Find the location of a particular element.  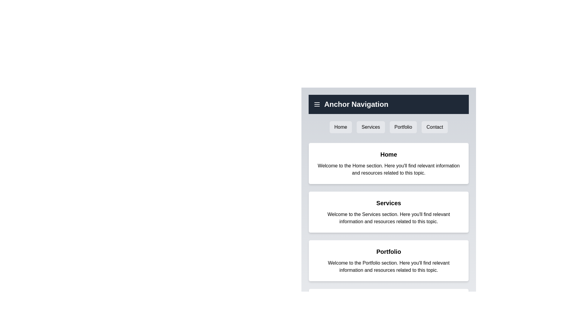

the informational text block located in the second row beneath the 'Home' title in the top central part of the interface is located at coordinates (389, 169).